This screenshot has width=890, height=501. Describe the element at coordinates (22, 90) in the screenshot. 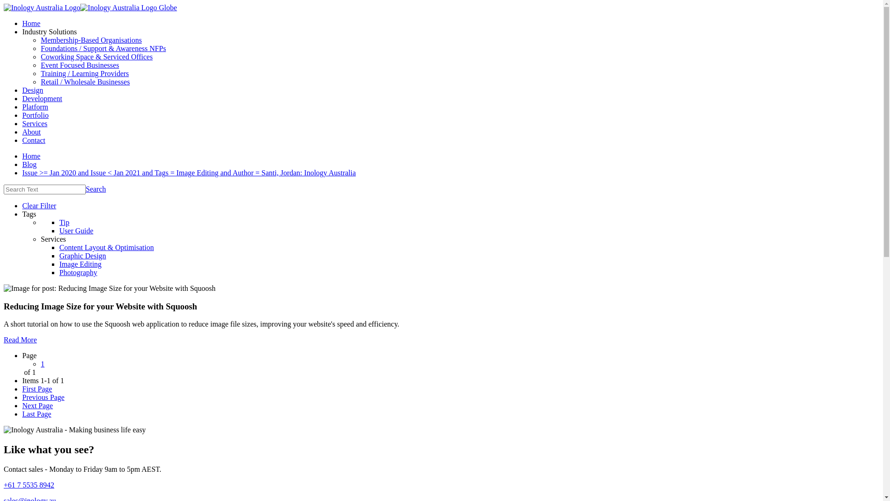

I see `'Design'` at that location.